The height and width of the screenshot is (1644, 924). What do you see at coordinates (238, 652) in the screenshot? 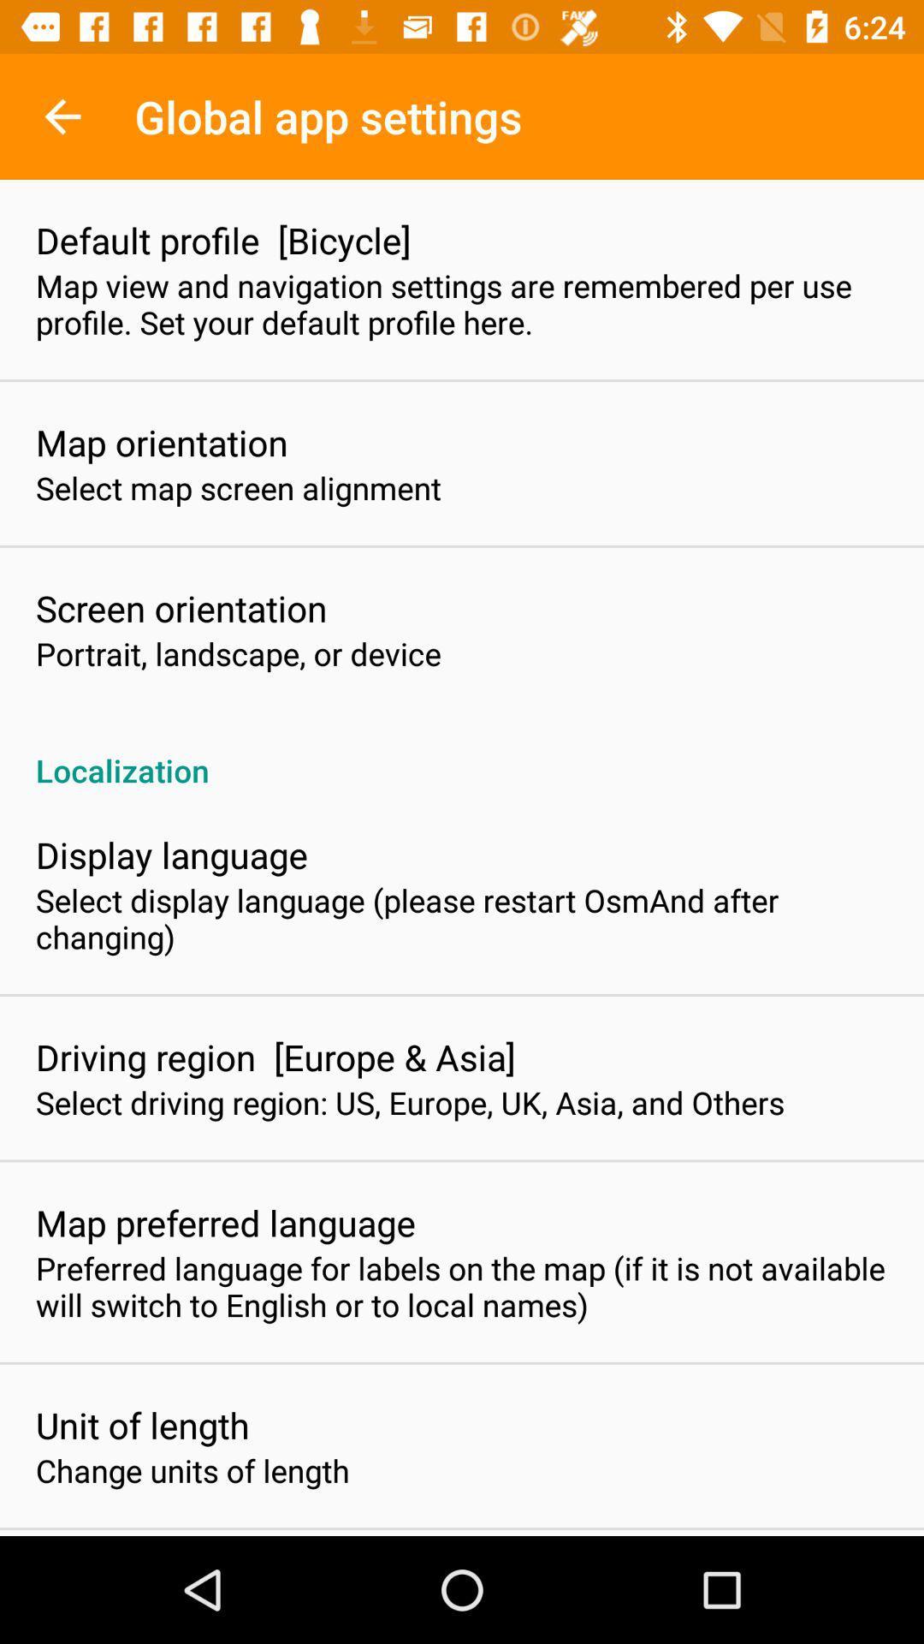
I see `the item above localization` at bounding box center [238, 652].